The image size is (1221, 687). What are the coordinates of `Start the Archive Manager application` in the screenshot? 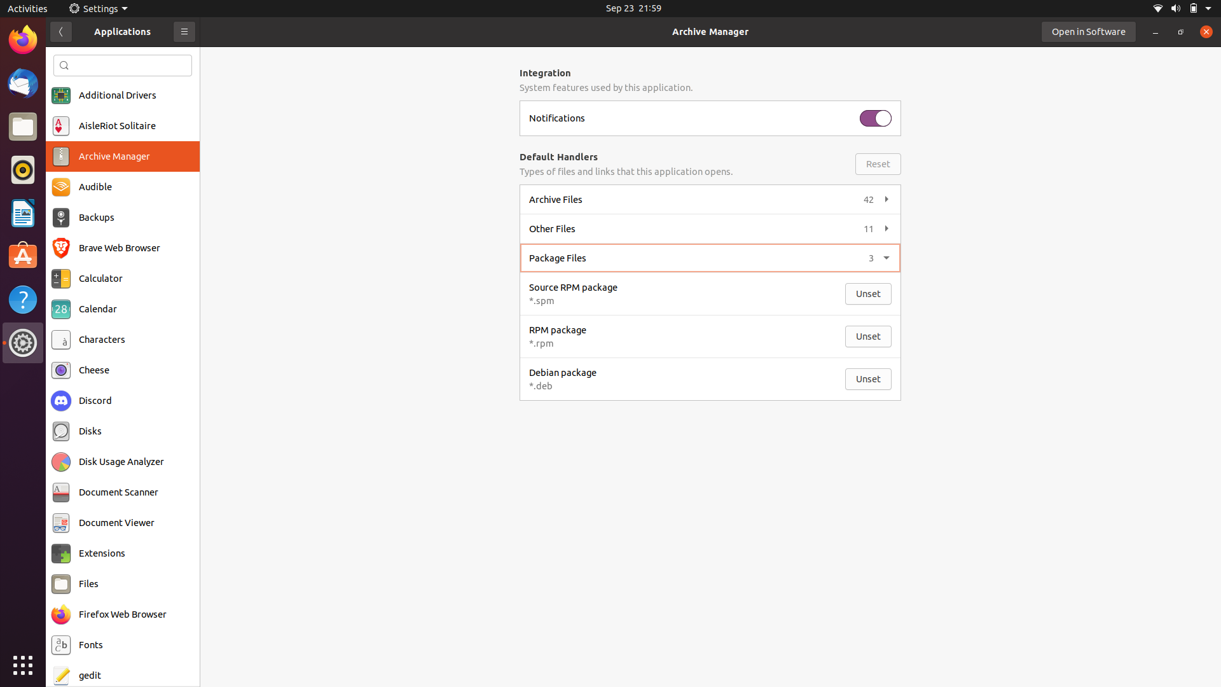 It's located at (122, 156).